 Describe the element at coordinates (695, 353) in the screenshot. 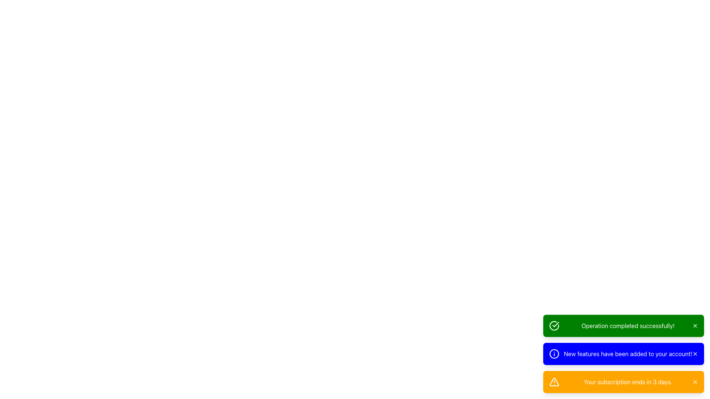

I see `the Icon button located at the top-right corner of the blue notification card` at that location.